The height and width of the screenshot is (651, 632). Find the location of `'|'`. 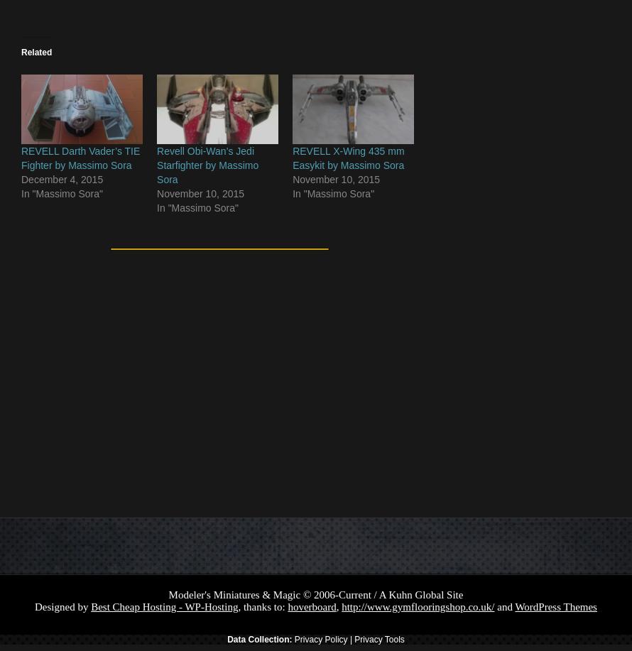

'|' is located at coordinates (351, 639).